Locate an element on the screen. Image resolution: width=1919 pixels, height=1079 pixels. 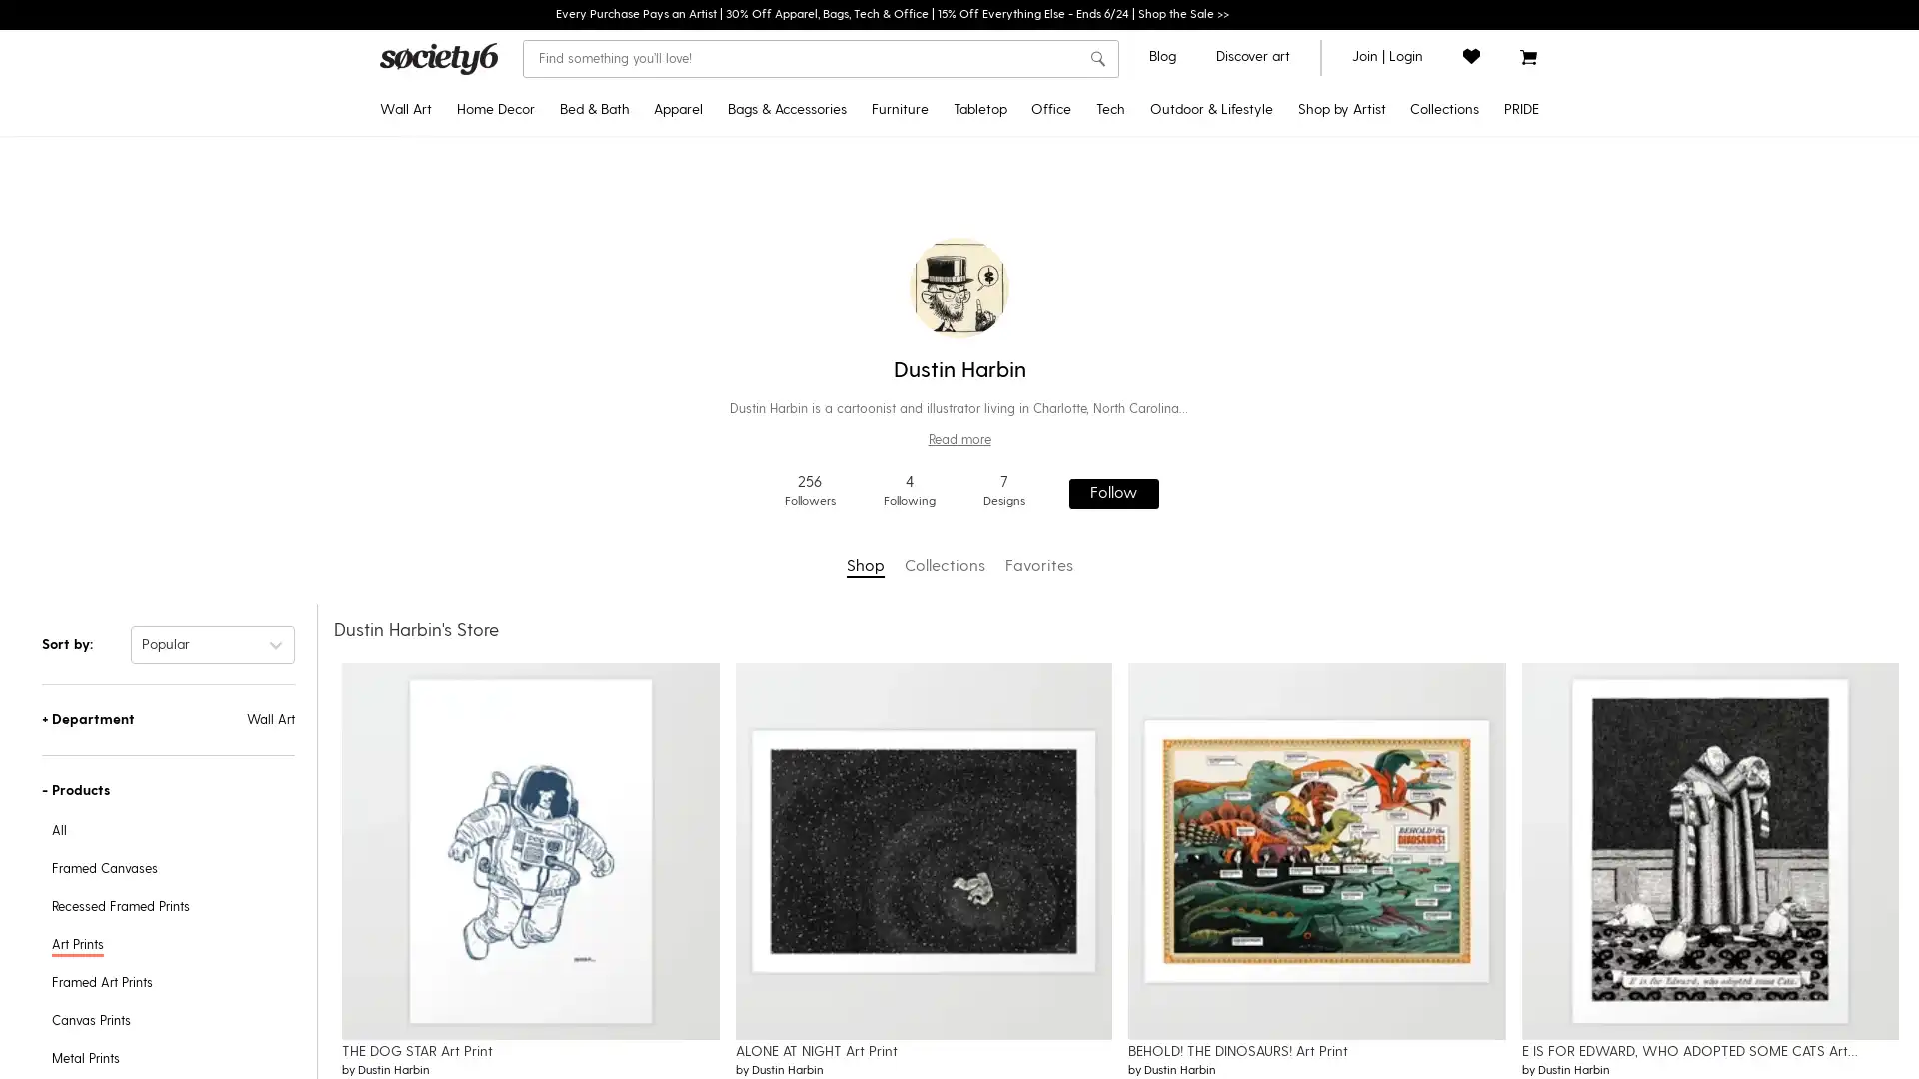
Welcome Mats is located at coordinates (1237, 353).